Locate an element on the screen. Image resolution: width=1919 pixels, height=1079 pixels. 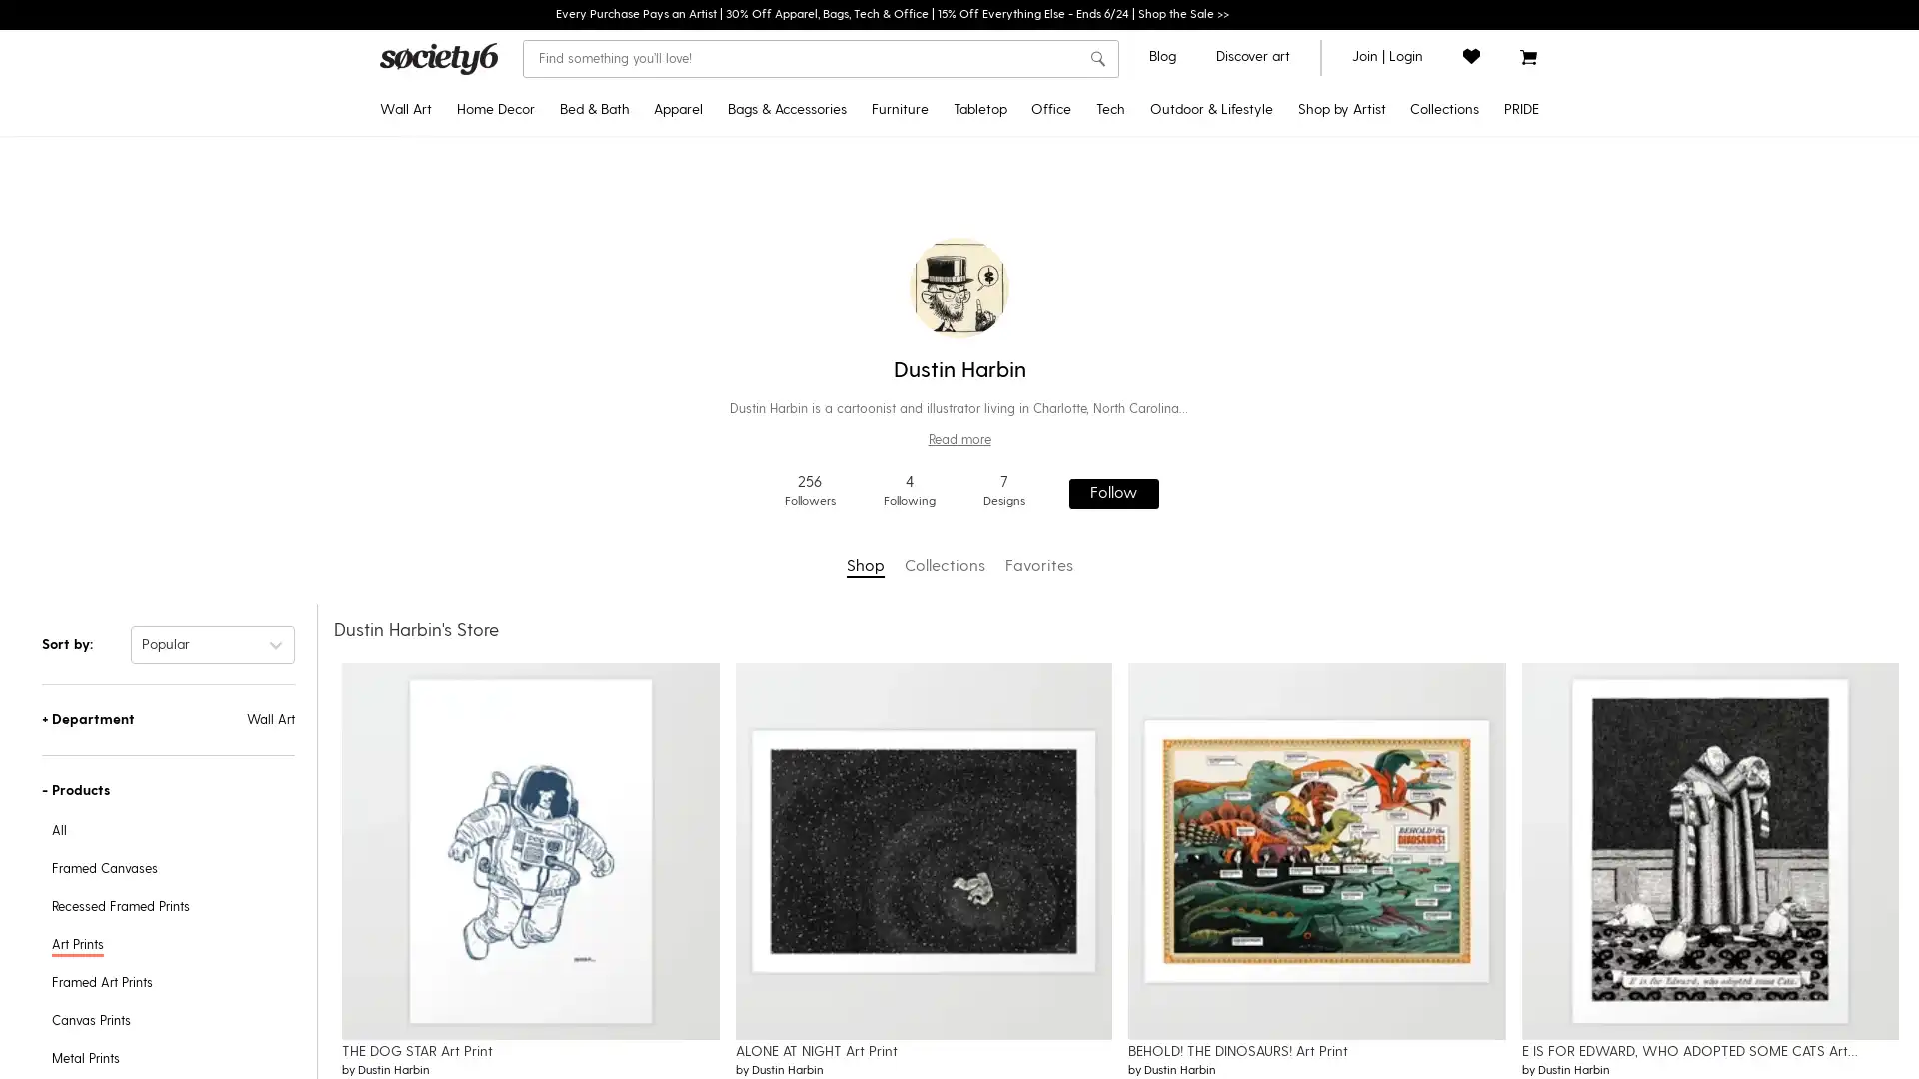
Welcome Mats is located at coordinates (1237, 353).